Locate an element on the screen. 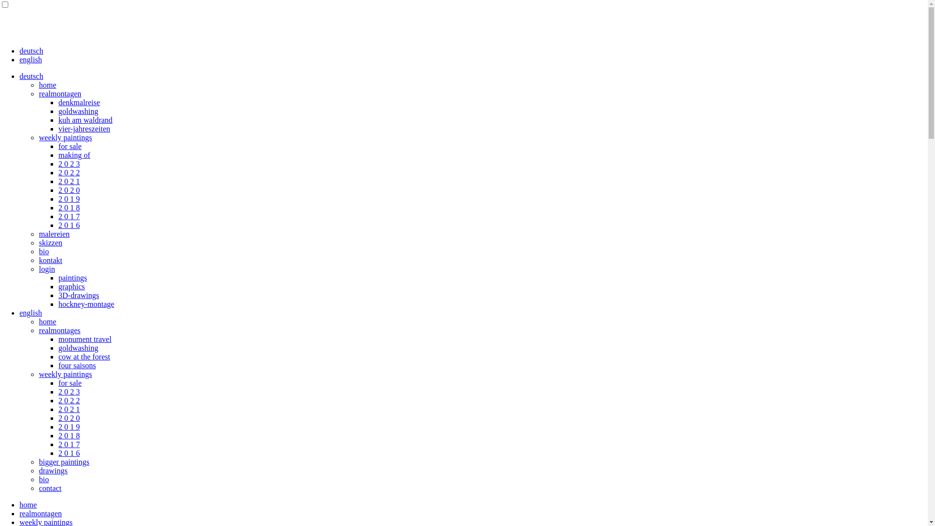 Image resolution: width=935 pixels, height=526 pixels. '2 0 1 9' is located at coordinates (69, 198).